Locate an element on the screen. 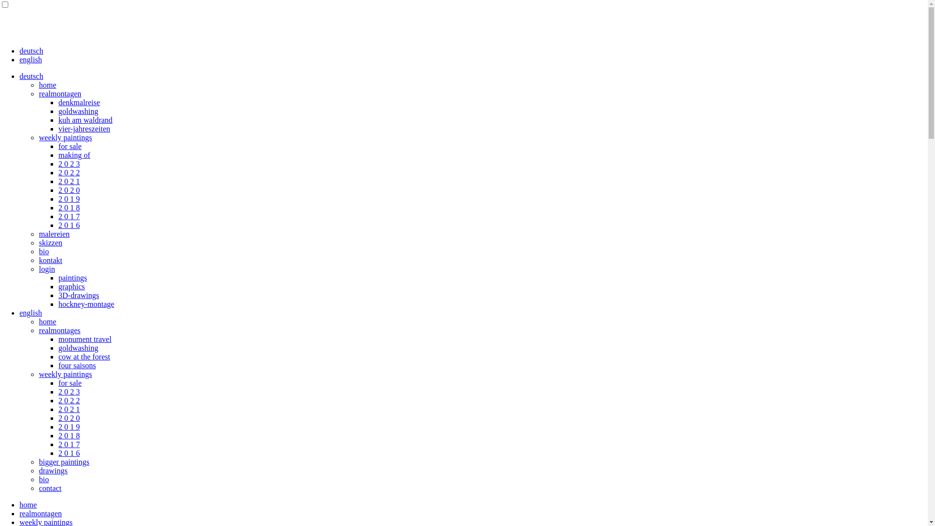 Image resolution: width=935 pixels, height=526 pixels. '2 0 1 9' is located at coordinates (69, 198).